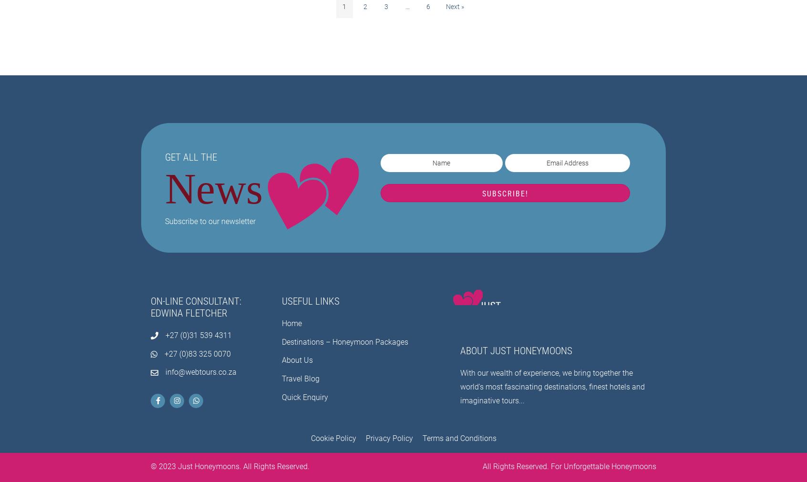  Describe the element at coordinates (389, 438) in the screenshot. I see `'Privacy Policy'` at that location.